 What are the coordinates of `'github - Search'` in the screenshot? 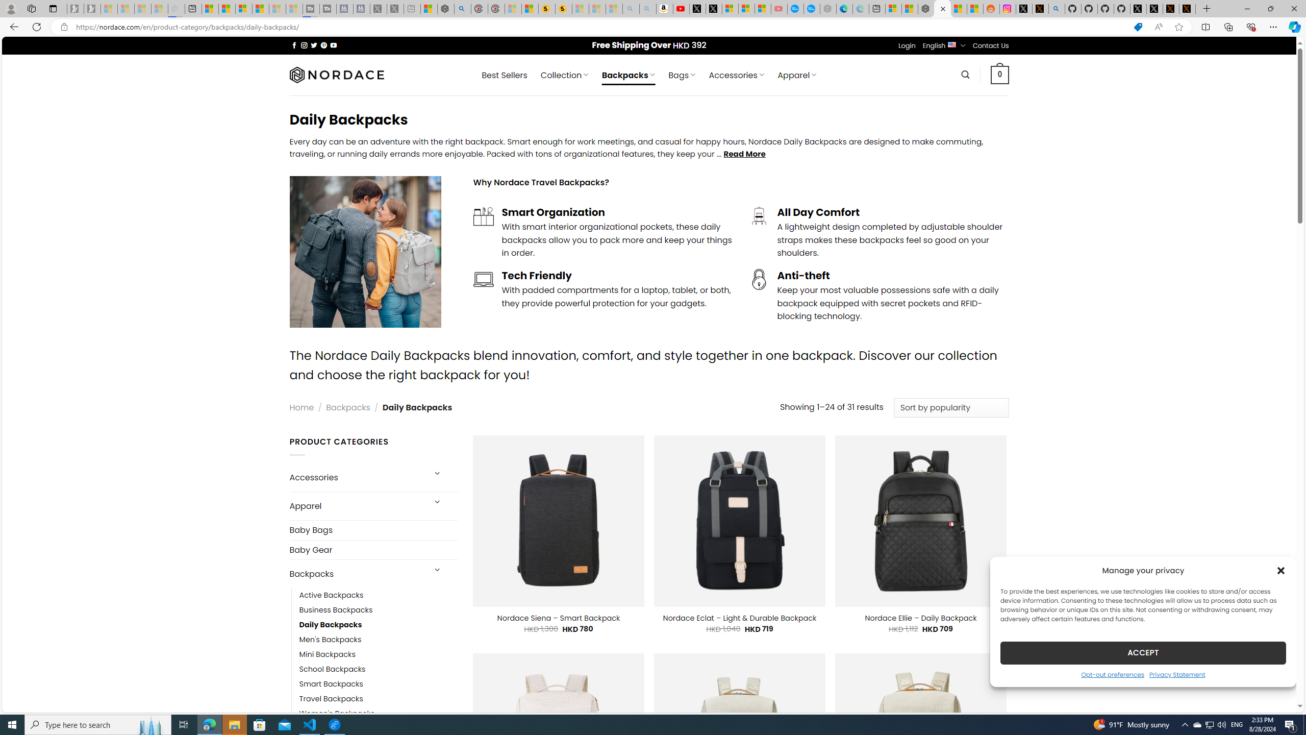 It's located at (1057, 8).